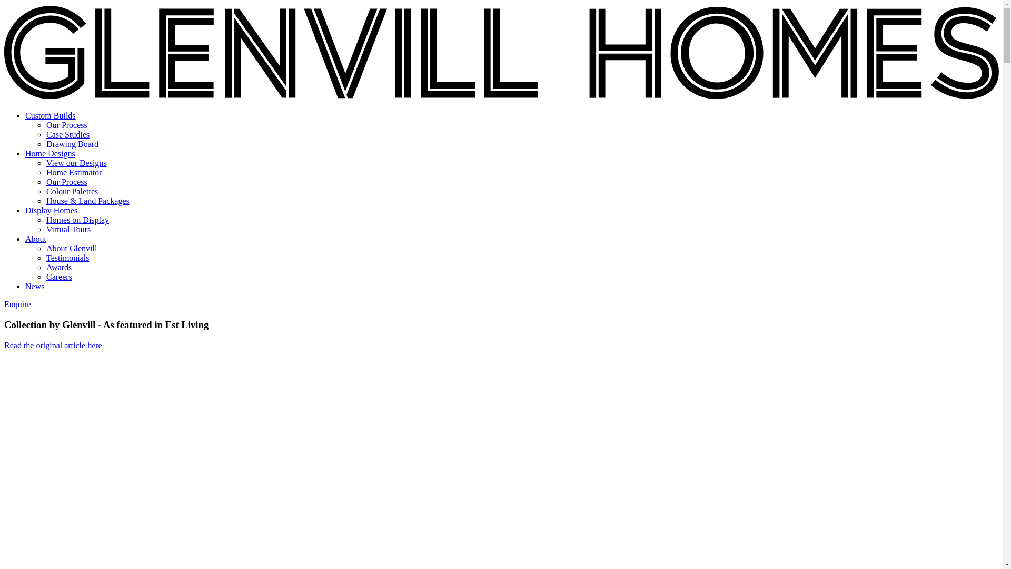 Image resolution: width=1011 pixels, height=569 pixels. I want to click on 'Enquire', so click(4, 304).